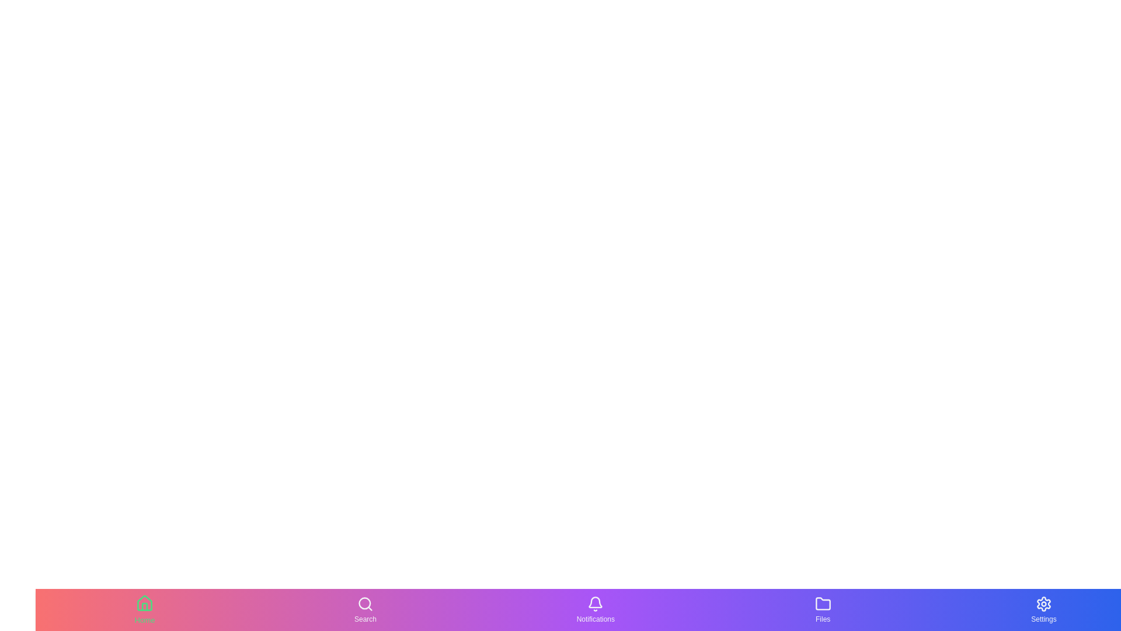 Image resolution: width=1121 pixels, height=631 pixels. I want to click on the tab labeled Notifications, so click(595, 609).